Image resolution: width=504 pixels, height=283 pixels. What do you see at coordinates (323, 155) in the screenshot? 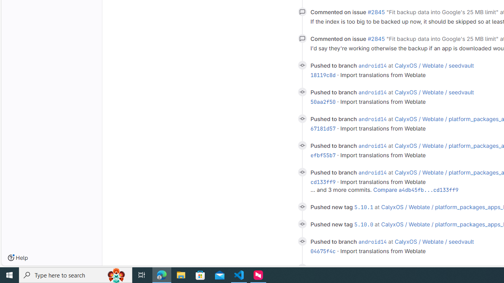
I see `'efbf55b7'` at bounding box center [323, 155].